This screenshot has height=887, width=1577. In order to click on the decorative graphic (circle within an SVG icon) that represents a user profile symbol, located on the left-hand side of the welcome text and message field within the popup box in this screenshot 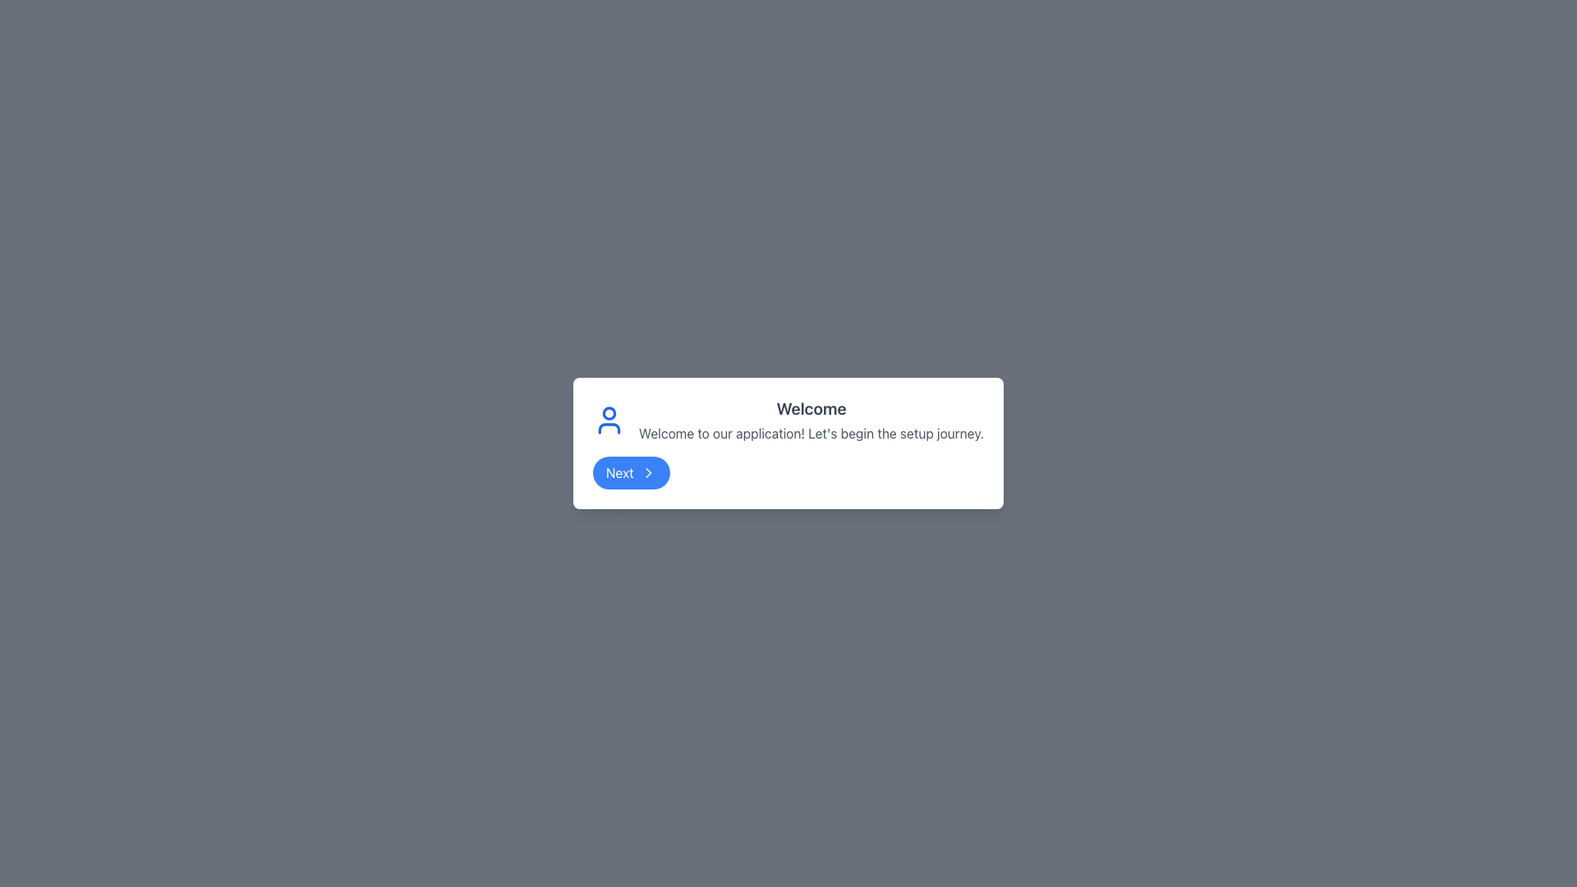, I will do `click(608, 412)`.